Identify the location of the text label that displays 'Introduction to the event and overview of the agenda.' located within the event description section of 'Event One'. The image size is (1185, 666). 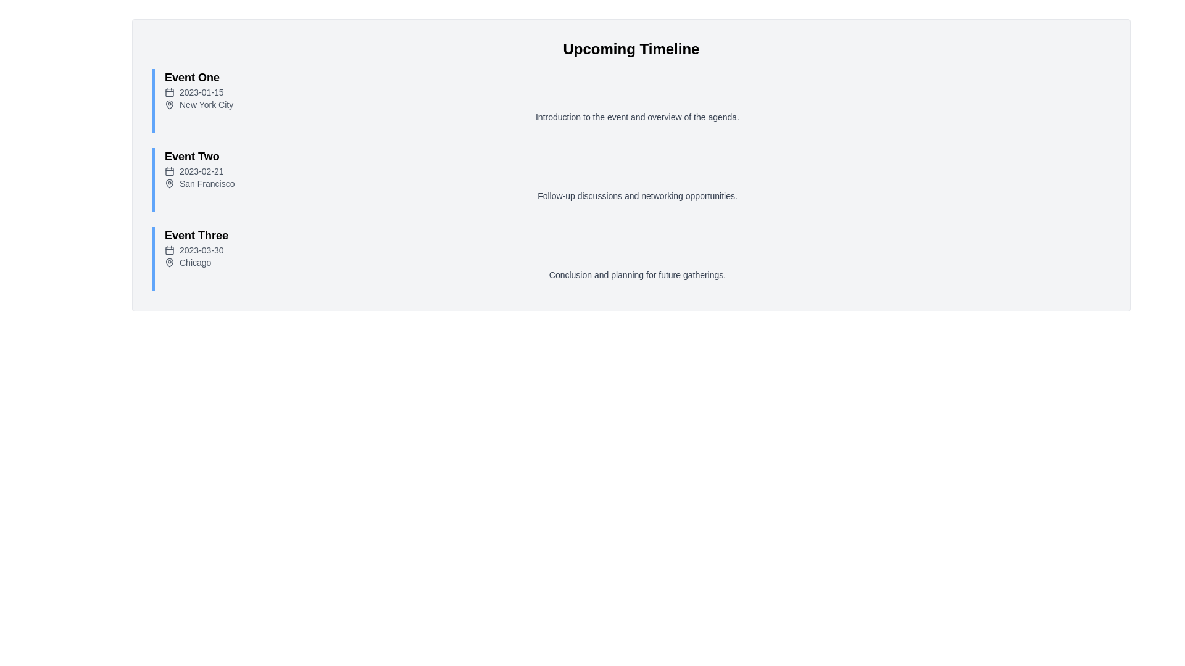
(637, 117).